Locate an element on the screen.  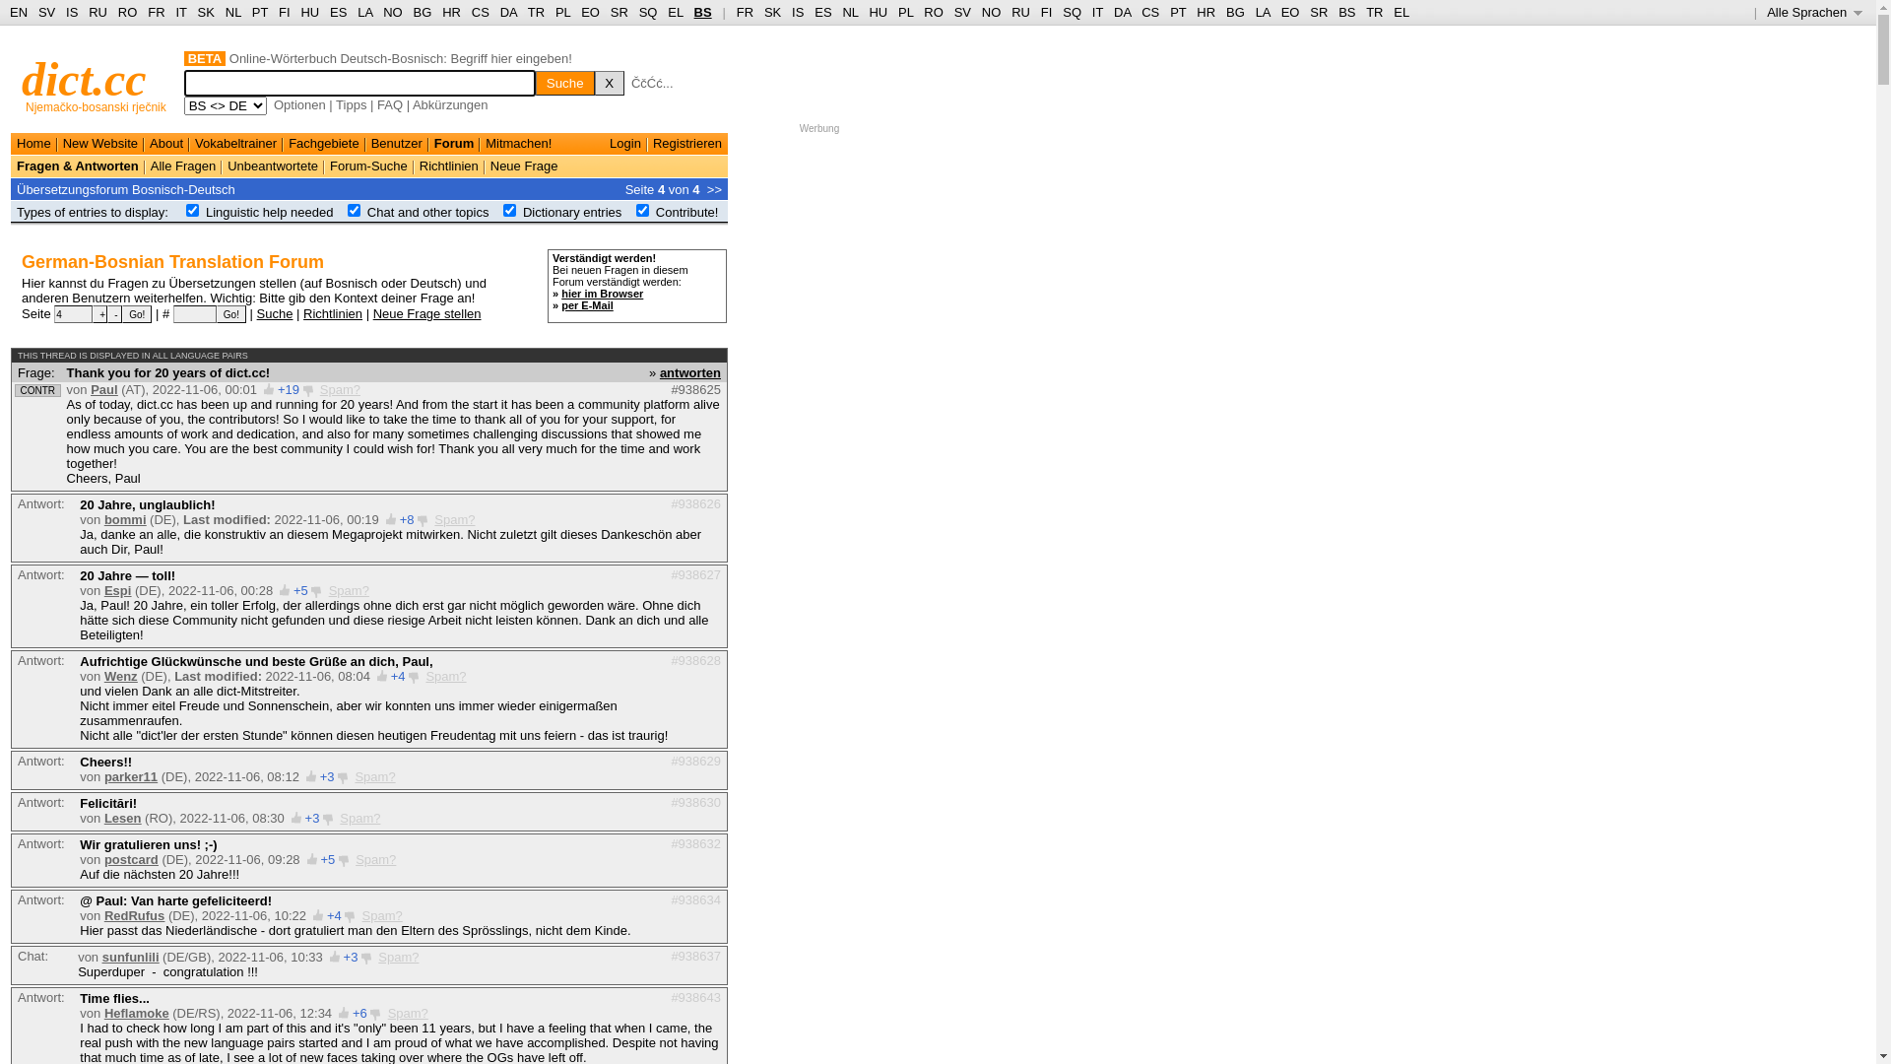
'Lesen' is located at coordinates (121, 818).